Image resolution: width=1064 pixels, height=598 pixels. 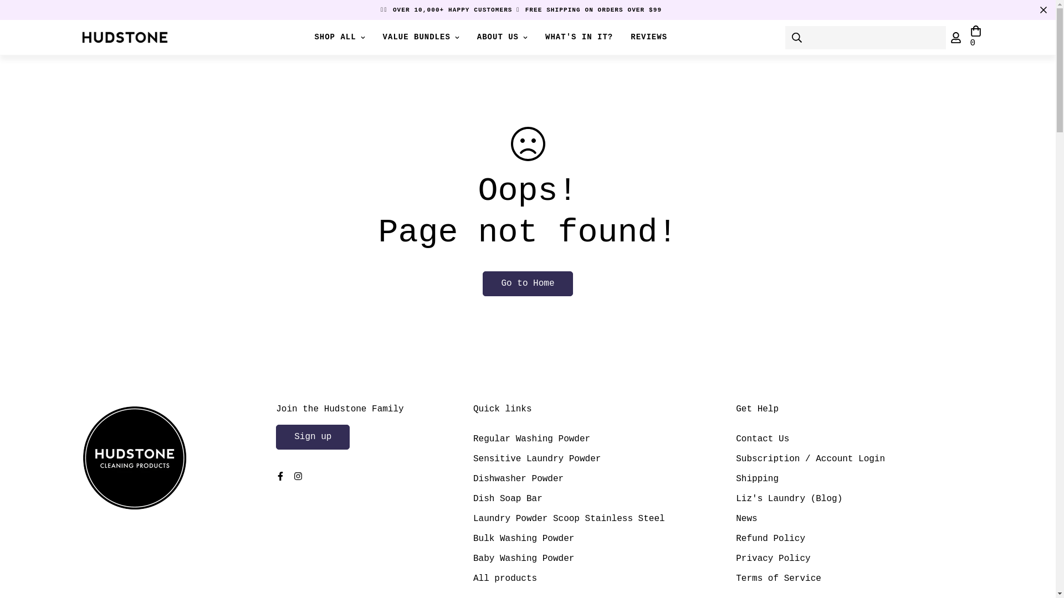 I want to click on 'Liz's Laundry (Blog)', so click(x=789, y=499).